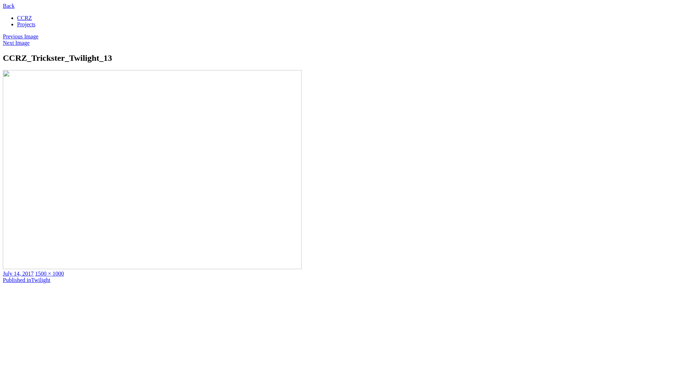  What do you see at coordinates (26, 24) in the screenshot?
I see `'Projects'` at bounding box center [26, 24].